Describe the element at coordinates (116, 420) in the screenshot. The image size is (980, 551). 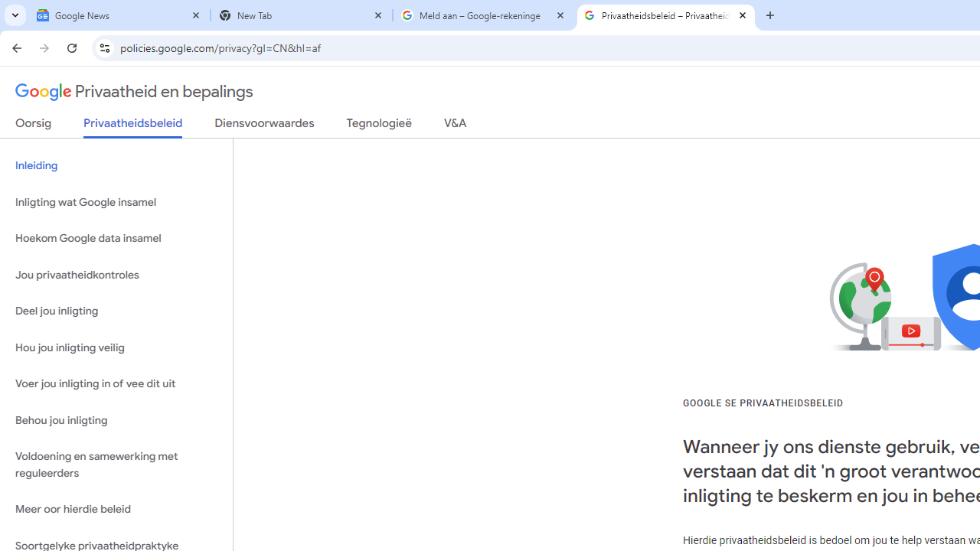
I see `'Behou jou inligting'` at that location.